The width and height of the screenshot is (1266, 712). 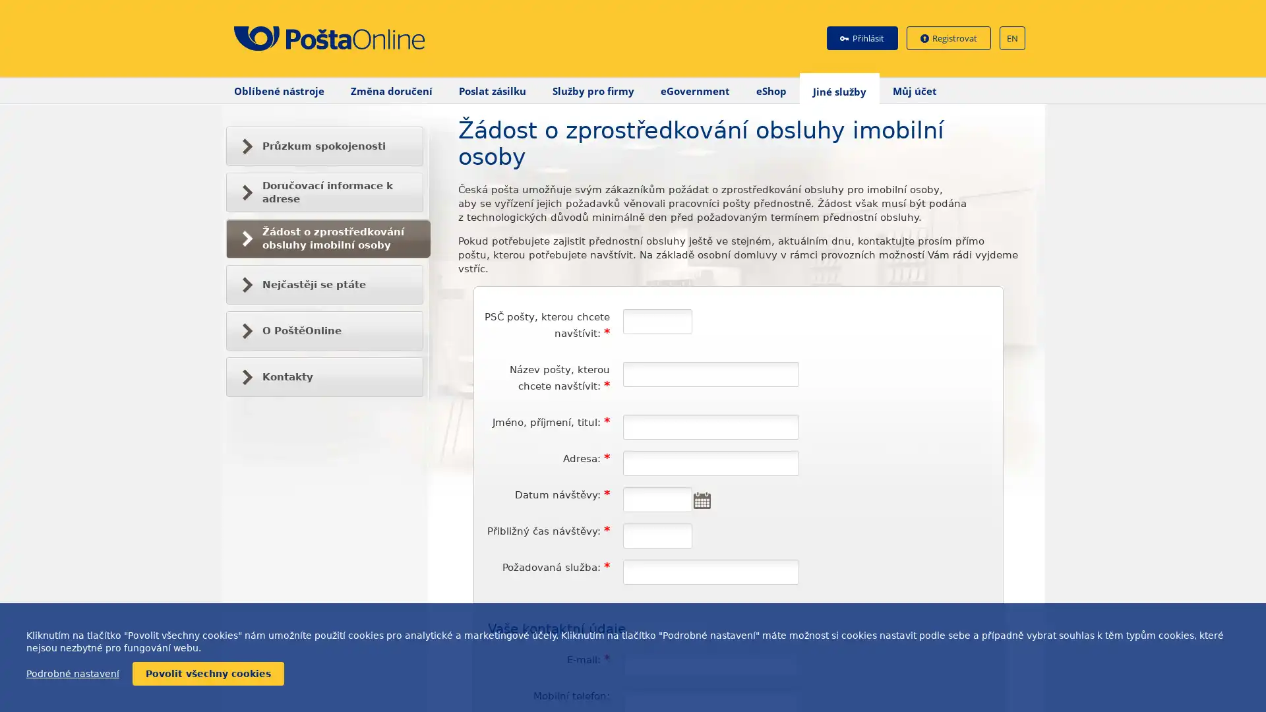 I want to click on Povolit vsechny cookies, so click(x=208, y=674).